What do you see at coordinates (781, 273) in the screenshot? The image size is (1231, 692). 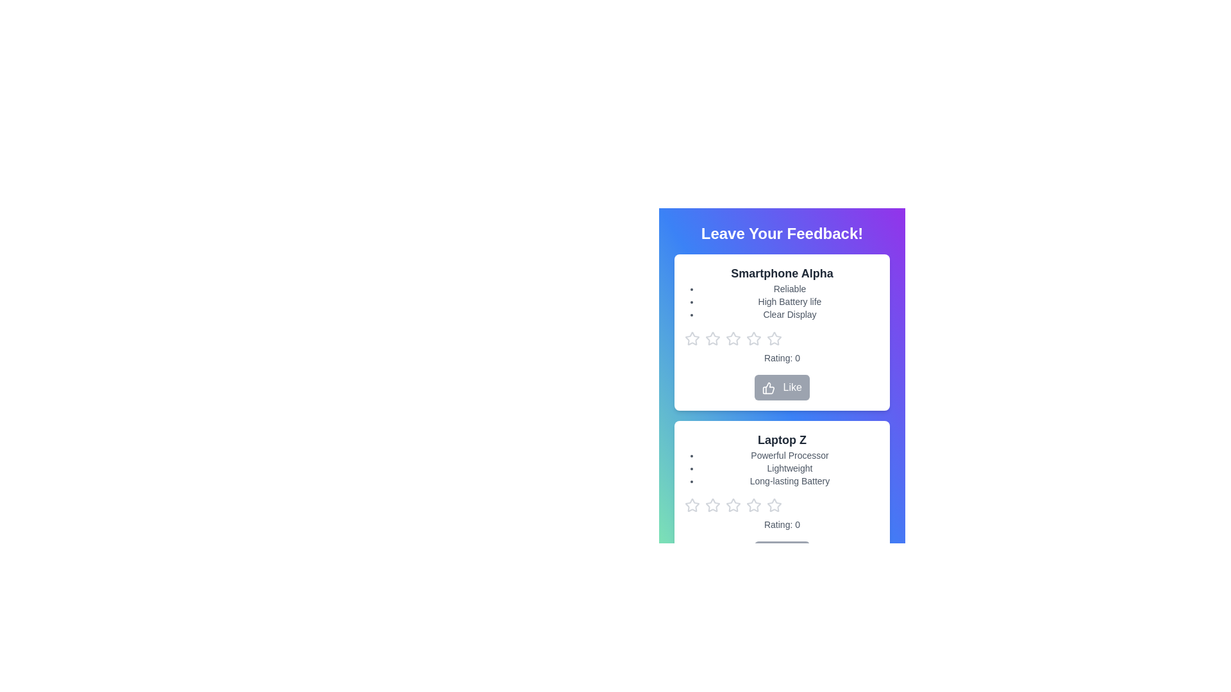 I see `the text label 'Smartphone Alpha' which is rendered in bold dark gray font at the top of a white rectangular card` at bounding box center [781, 273].